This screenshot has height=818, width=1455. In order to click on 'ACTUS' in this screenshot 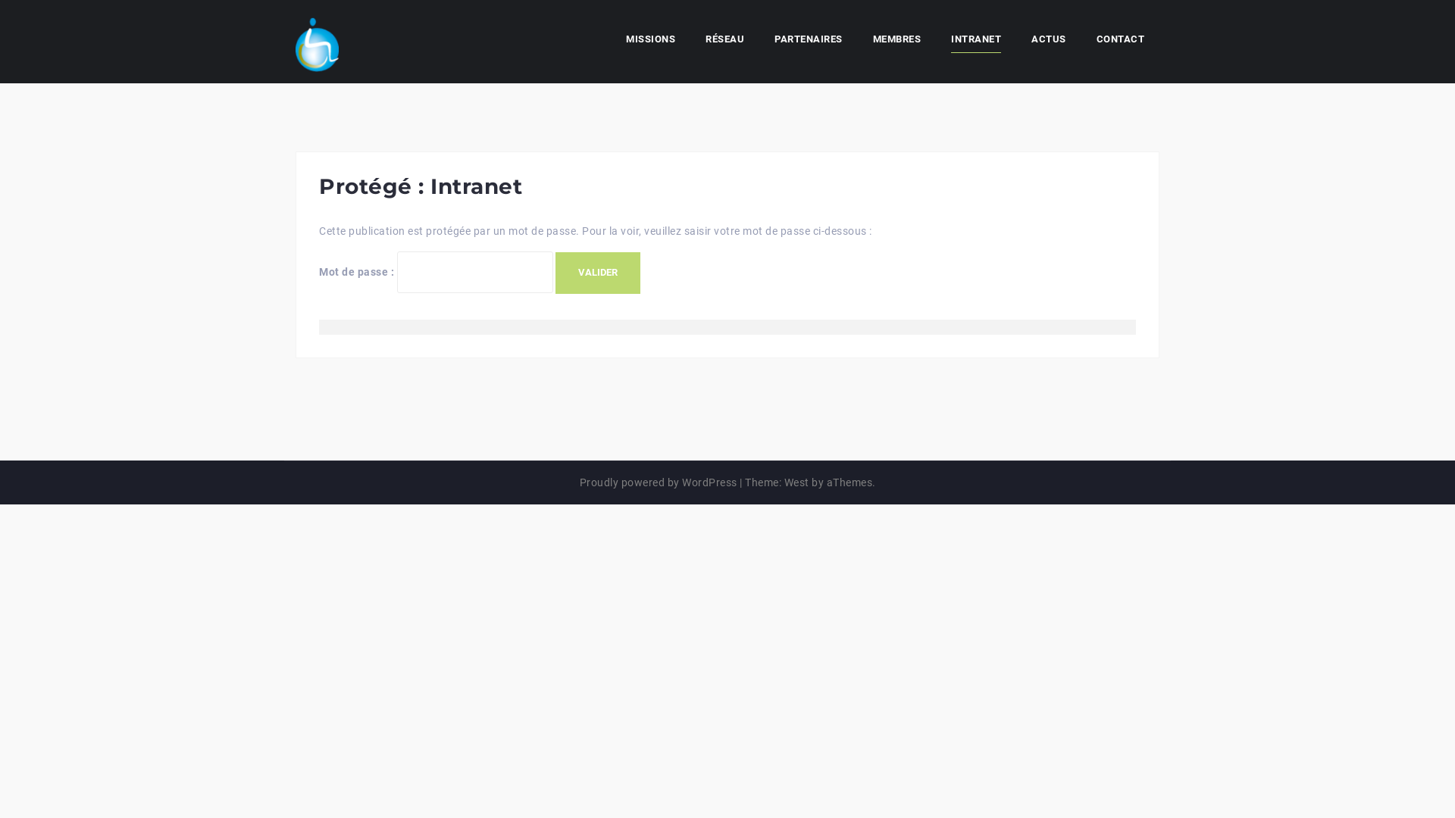, I will do `click(1047, 40)`.